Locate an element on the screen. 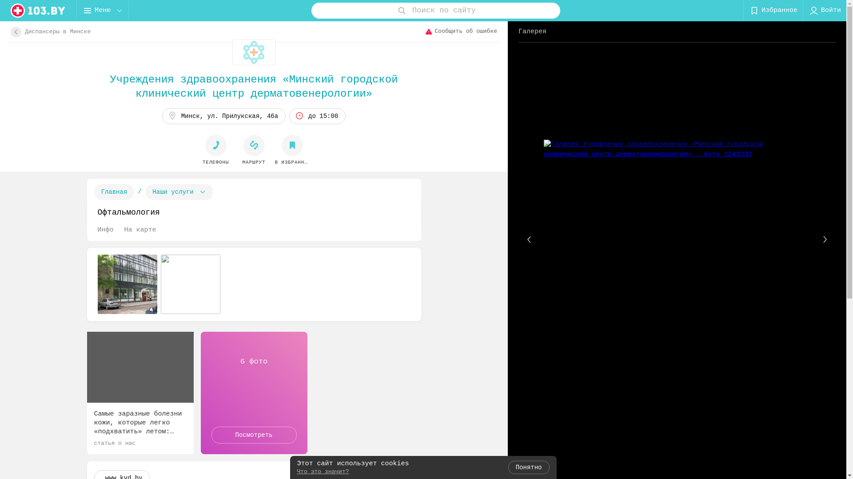  'logo' is located at coordinates (38, 10).